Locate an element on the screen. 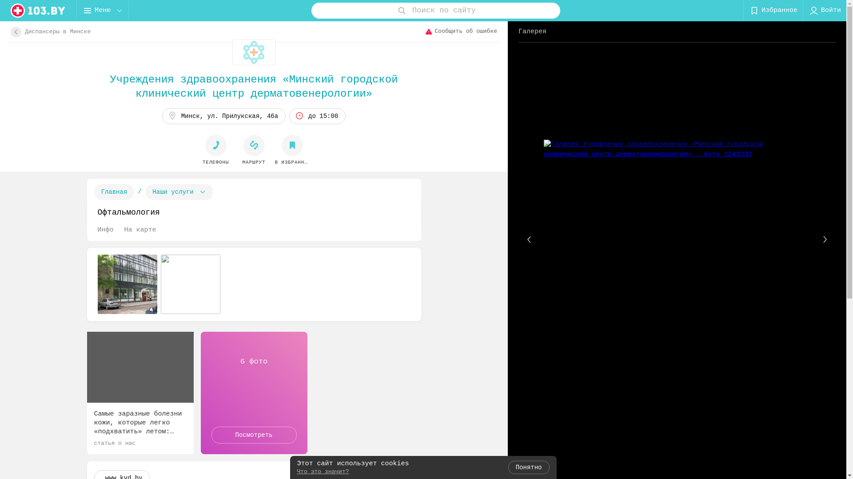  'logo' is located at coordinates (38, 10).